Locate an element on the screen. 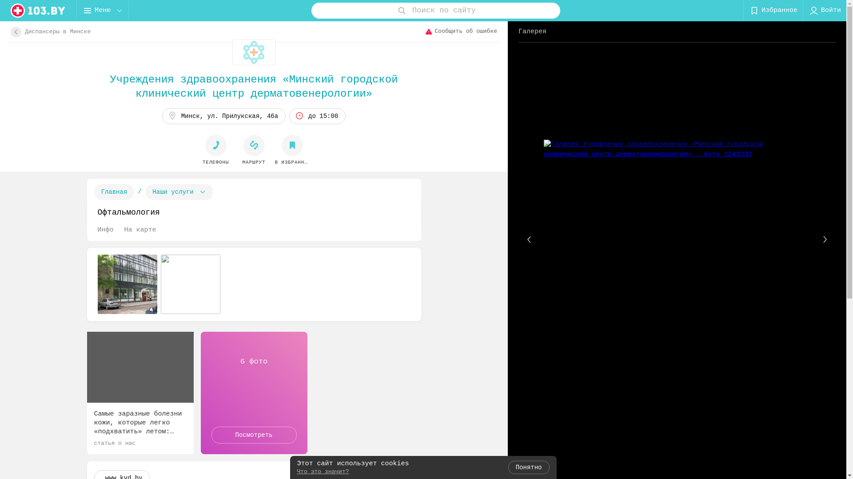  'logo' is located at coordinates (38, 10).